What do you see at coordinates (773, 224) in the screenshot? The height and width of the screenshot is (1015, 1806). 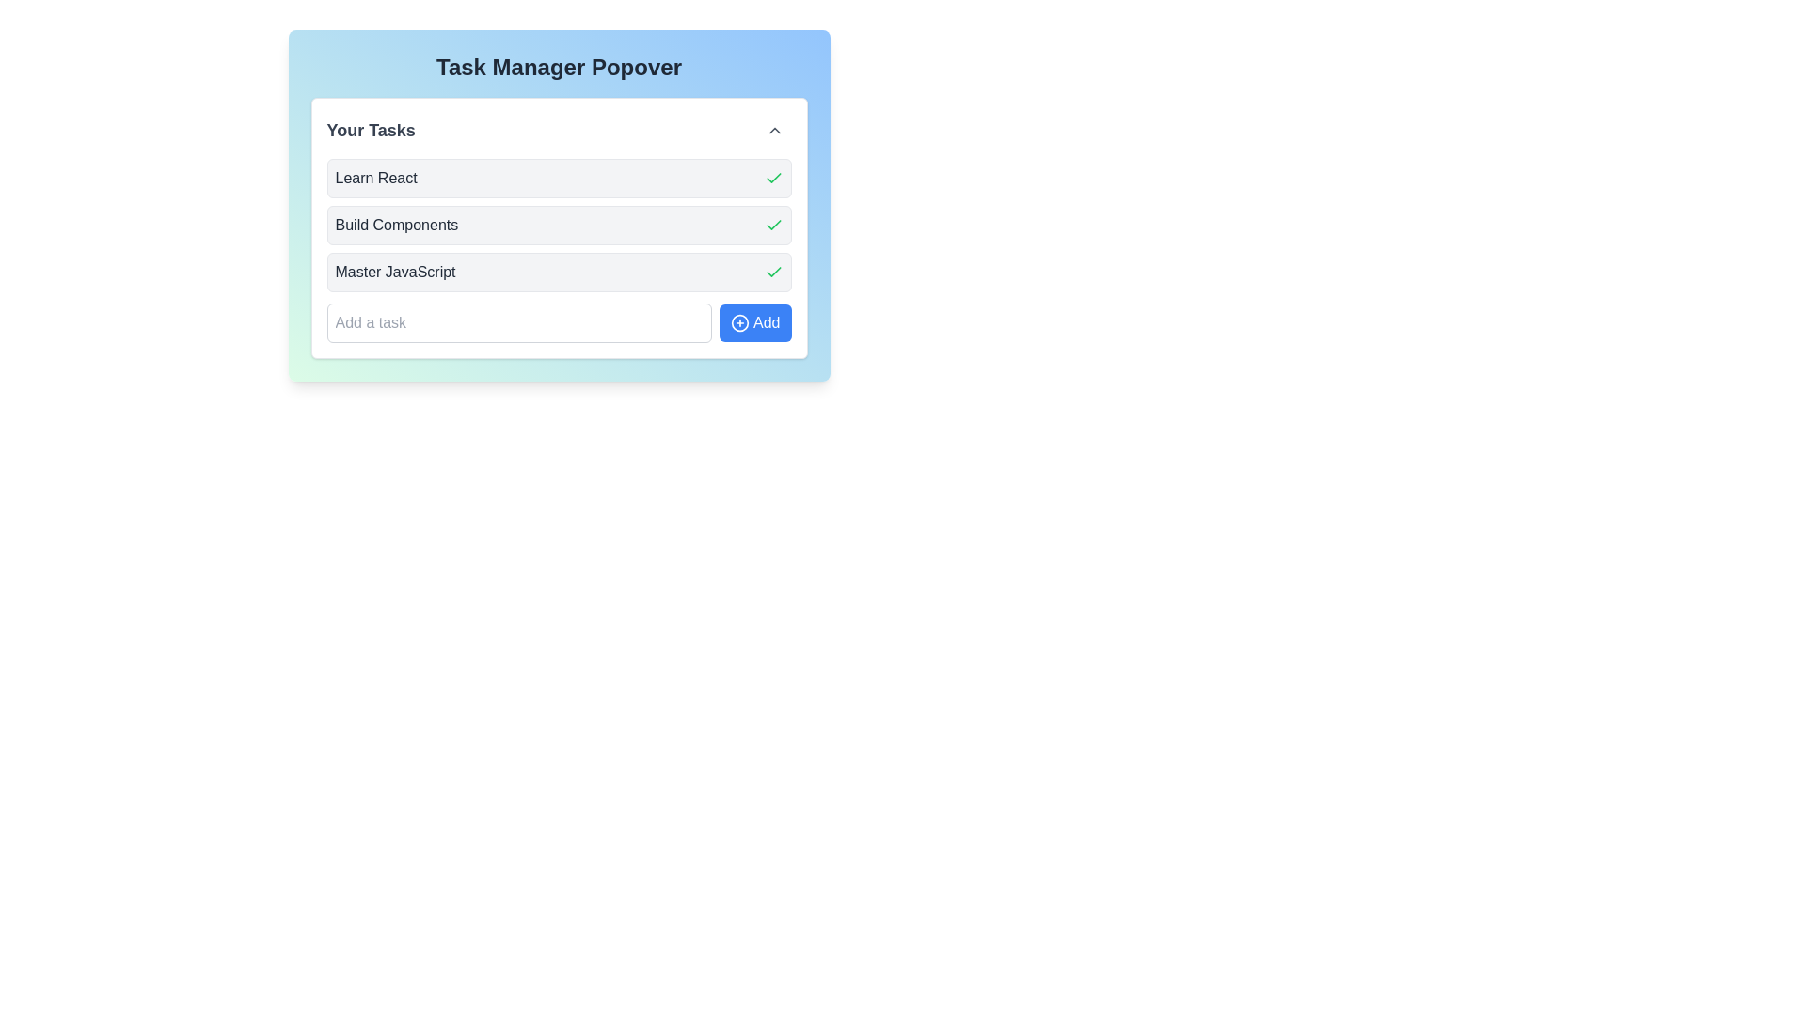 I see `the green checkmark icon that indicates the completion status of the 'Build Components' task in the 'Your Tasks' section` at bounding box center [773, 224].